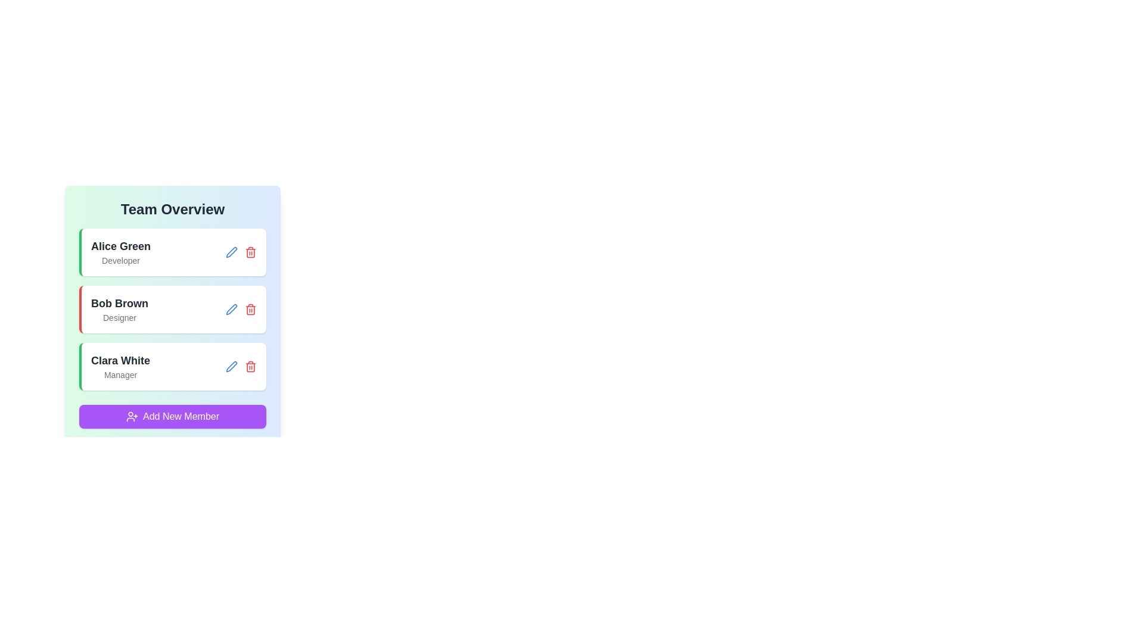 The width and height of the screenshot is (1144, 643). Describe the element at coordinates (231, 309) in the screenshot. I see `edit button for Bob Brown to view their details` at that location.